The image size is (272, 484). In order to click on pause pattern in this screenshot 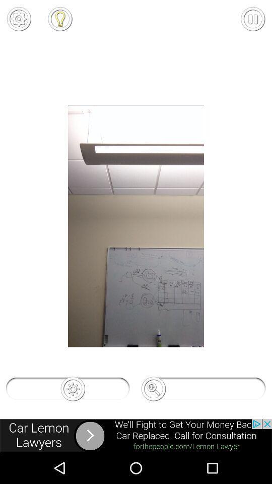, I will do `click(252, 18)`.